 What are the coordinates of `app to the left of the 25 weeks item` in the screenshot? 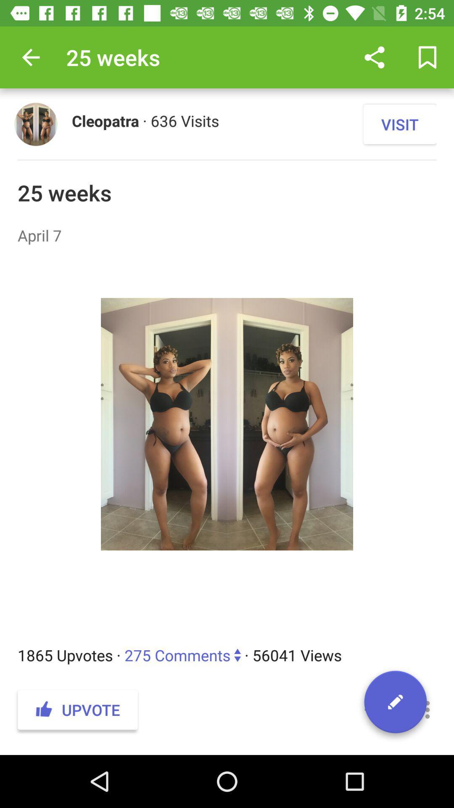 It's located at (30, 57).